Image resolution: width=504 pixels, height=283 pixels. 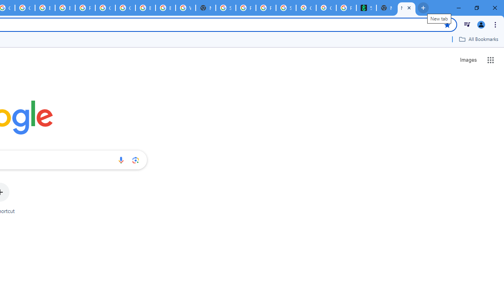 I want to click on 'Sign in - Google Accounts', so click(x=225, y=8).